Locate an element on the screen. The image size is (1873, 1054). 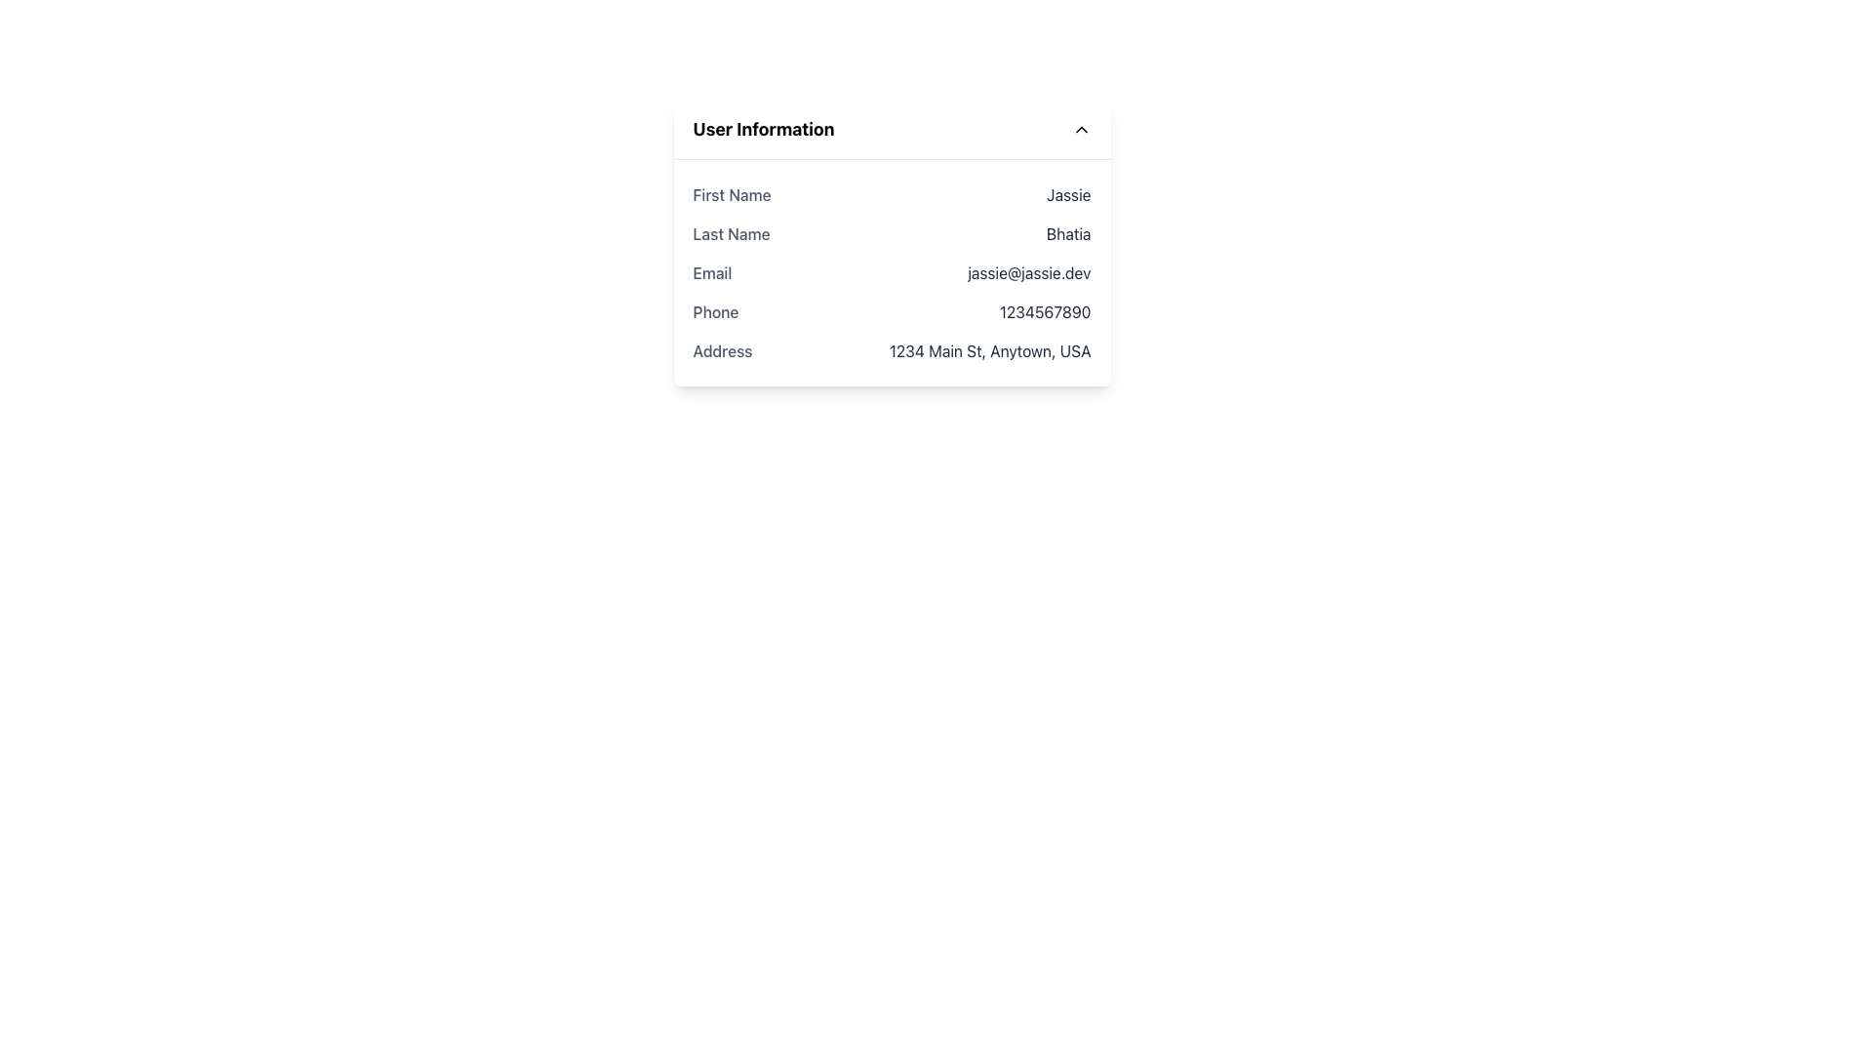
the address information display in the contact details UI panel, which is the last entry in the 'User Information' section, located below the 'Phone' entry is located at coordinates (891, 349).